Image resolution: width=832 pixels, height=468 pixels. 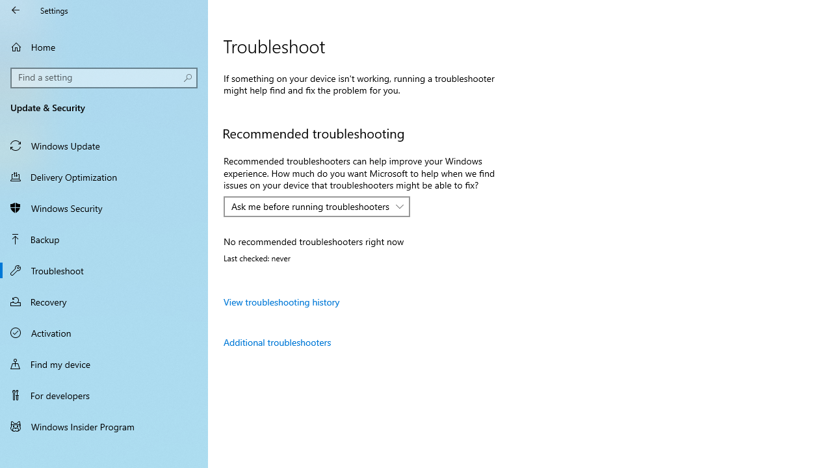 What do you see at coordinates (104, 77) in the screenshot?
I see `'Search box, Find a setting'` at bounding box center [104, 77].